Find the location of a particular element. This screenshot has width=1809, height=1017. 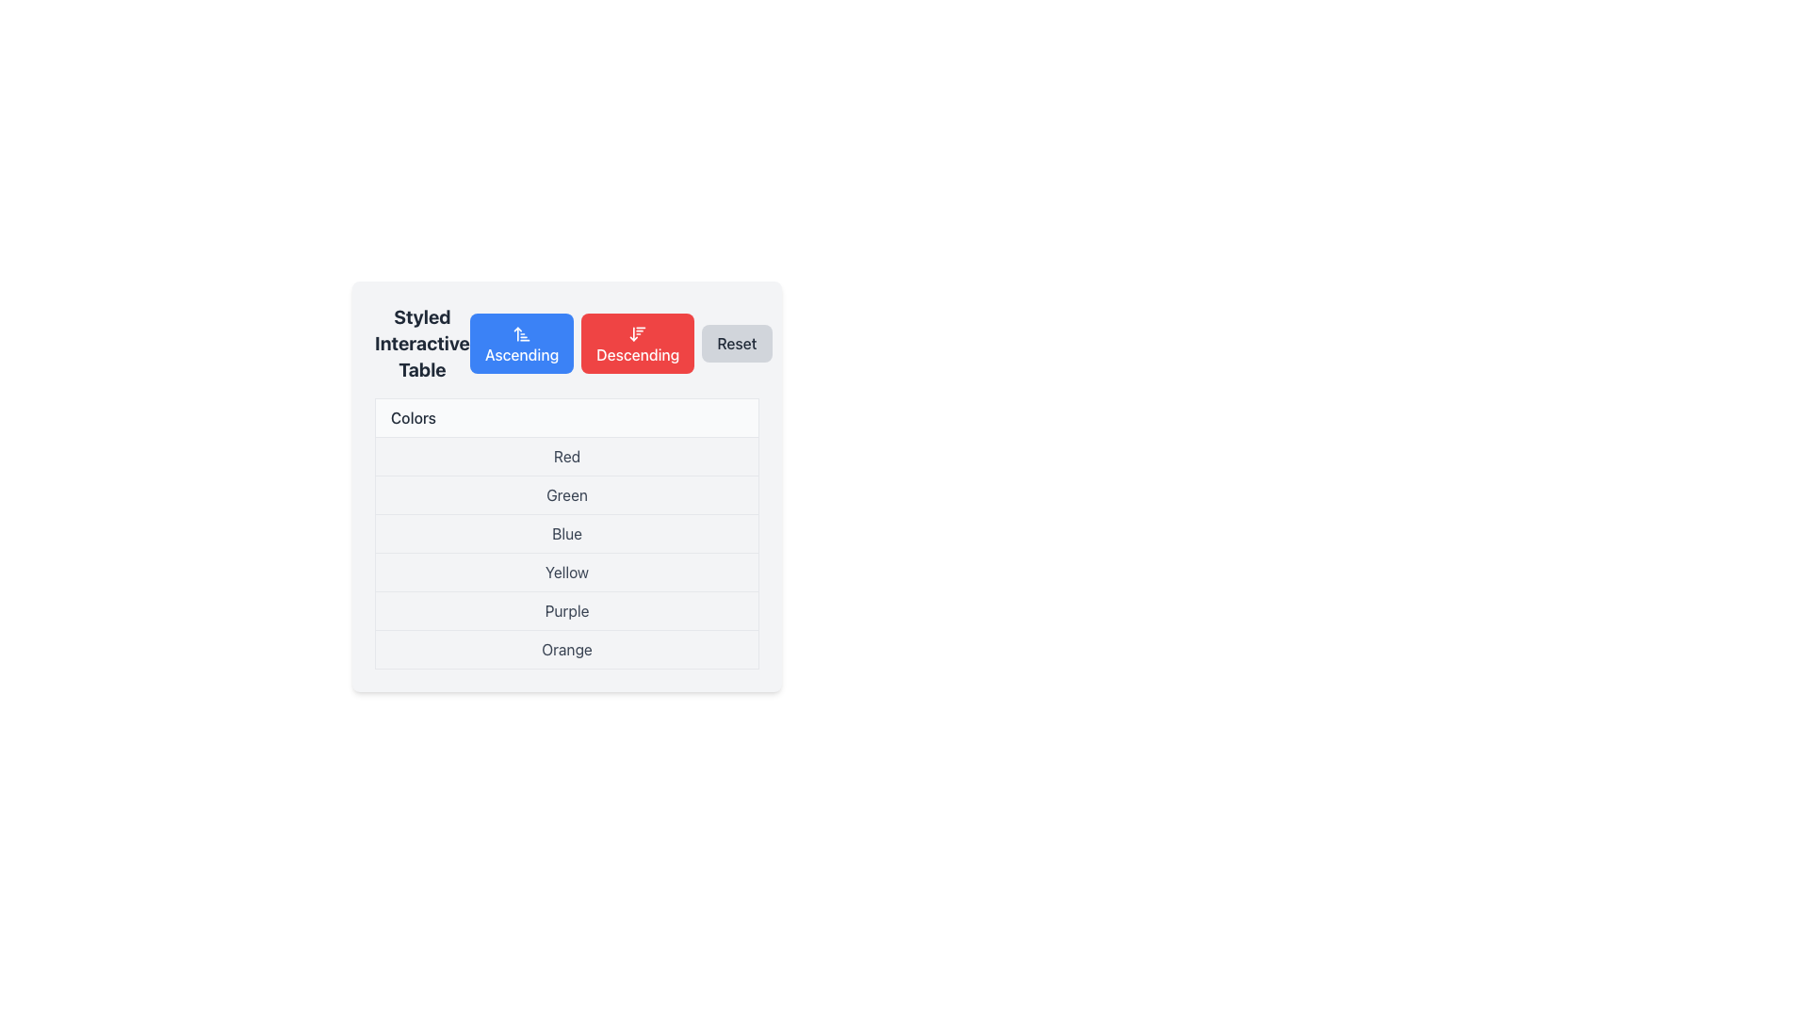

the 'Descending' sorting icon, which is located within the red button positioned second from the left in the row of sorting buttons at the top of the table interface, to sort the items in descending order is located at coordinates (638, 332).